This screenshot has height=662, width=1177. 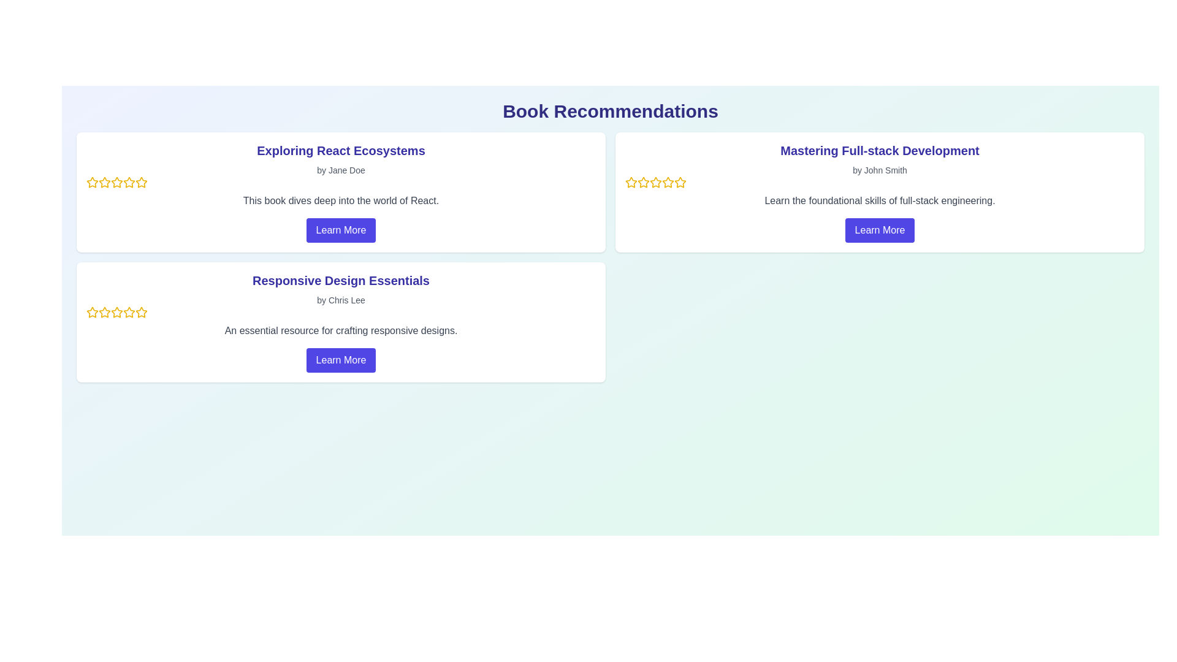 What do you see at coordinates (631, 182) in the screenshot?
I see `the first yellow star icon in the rating row for the 'Mastering Full-stack Development' section, positioned just below the book title text` at bounding box center [631, 182].